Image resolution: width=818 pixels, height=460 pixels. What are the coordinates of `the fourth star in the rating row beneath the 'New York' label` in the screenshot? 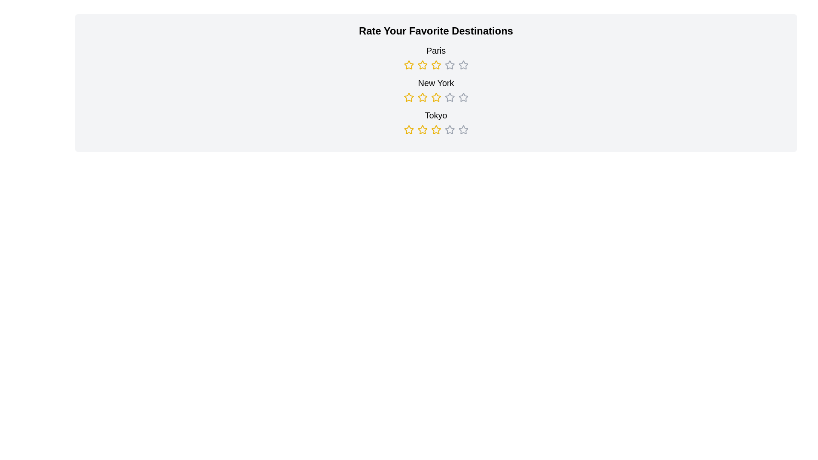 It's located at (436, 97).